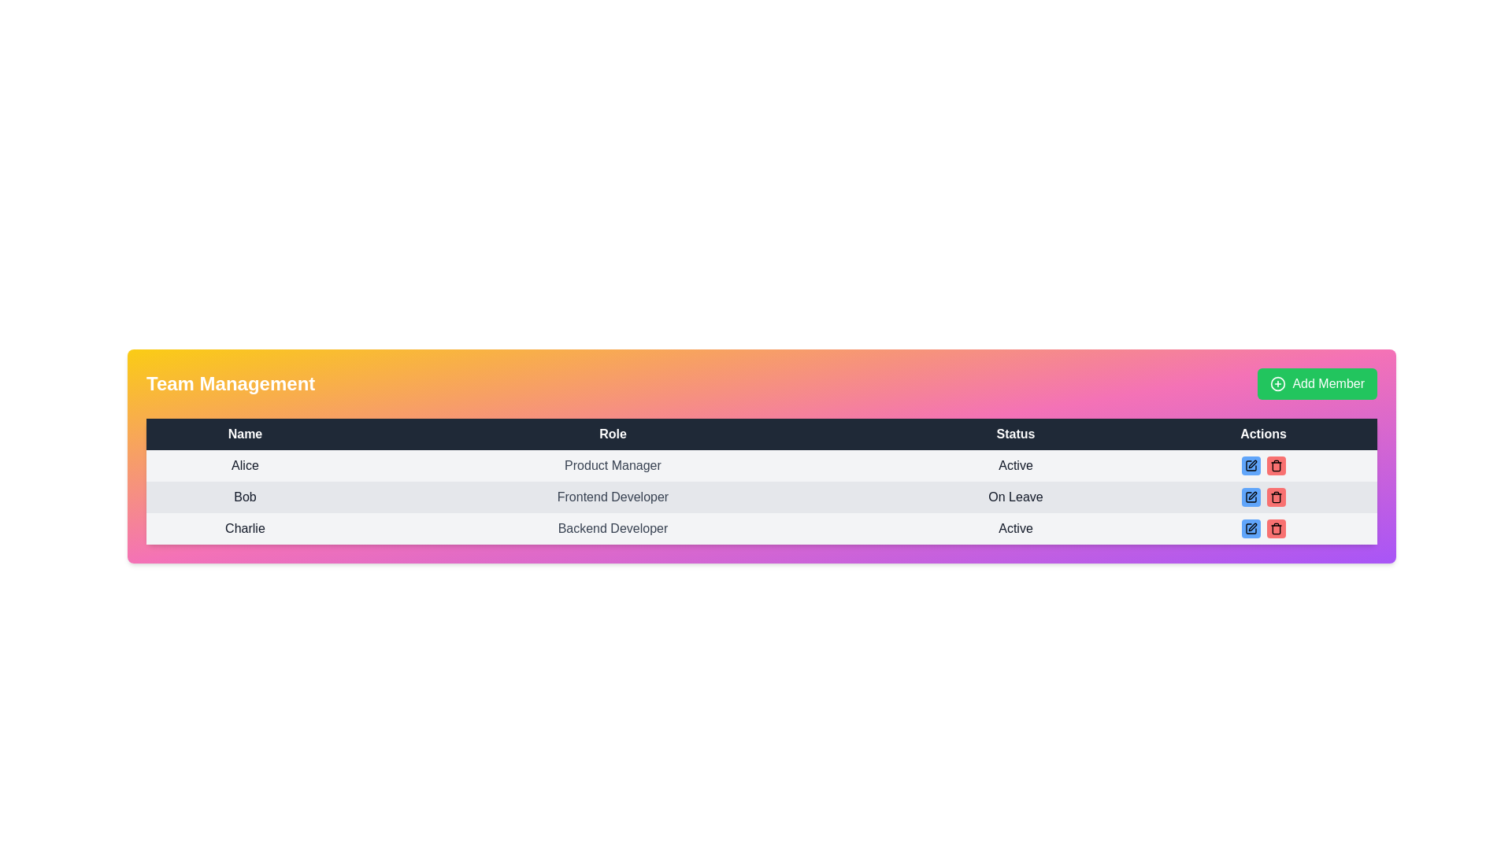 The width and height of the screenshot is (1512, 850). I want to click on text from the static label displaying 'Status', which is the third header item in a black header bar layout, so click(1016, 434).